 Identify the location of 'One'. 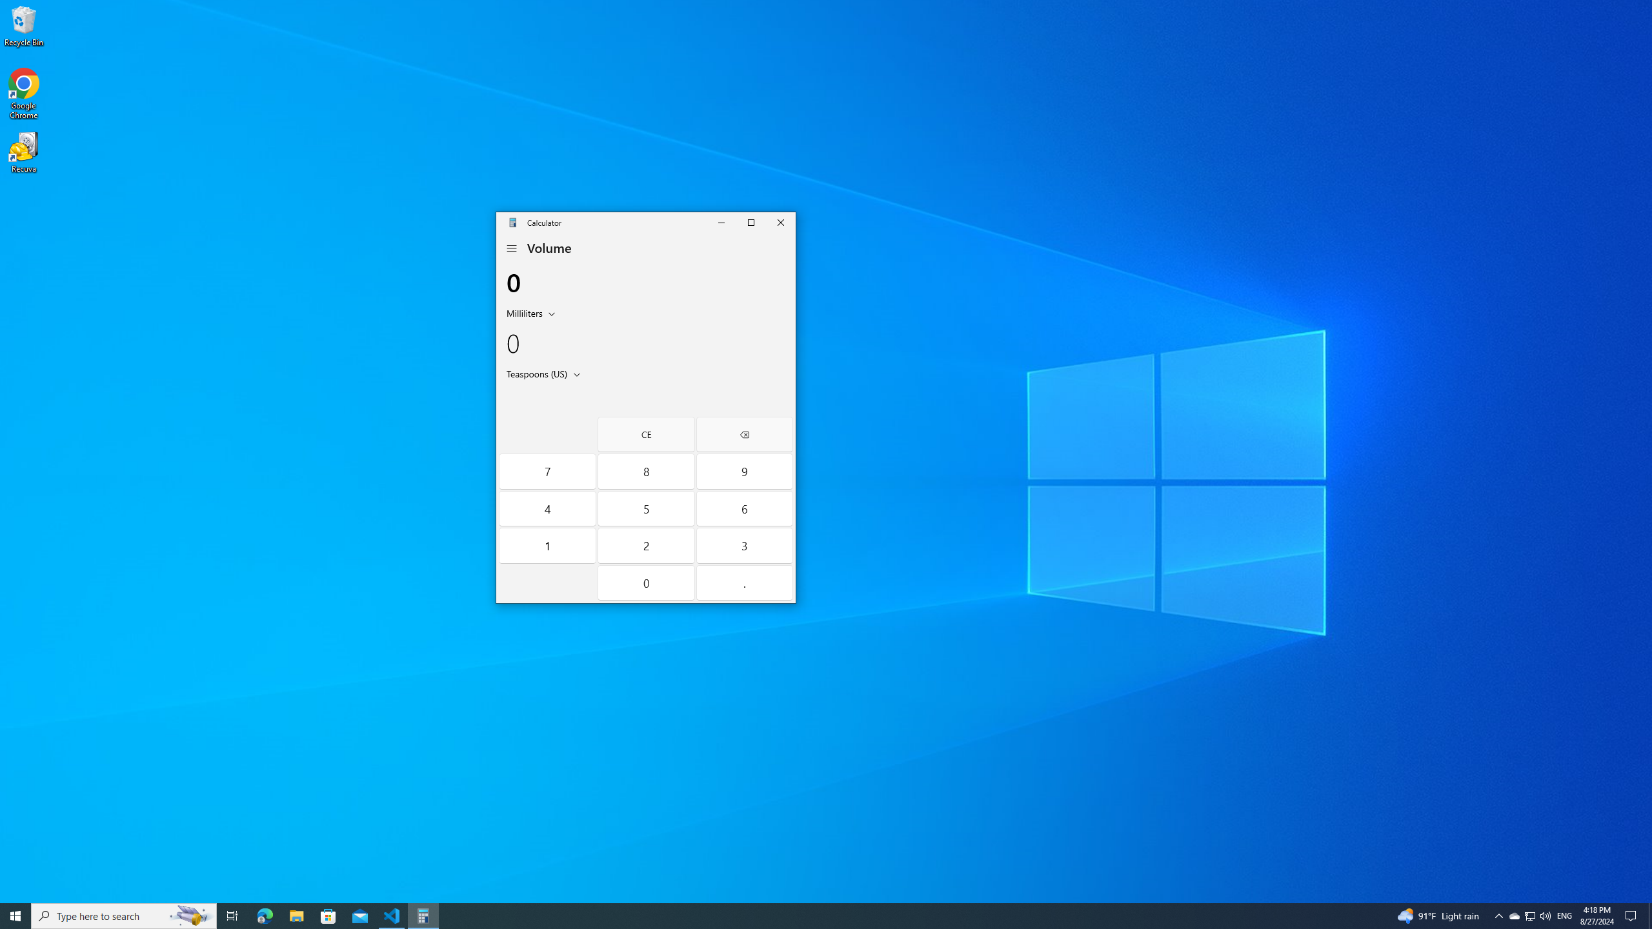
(547, 546).